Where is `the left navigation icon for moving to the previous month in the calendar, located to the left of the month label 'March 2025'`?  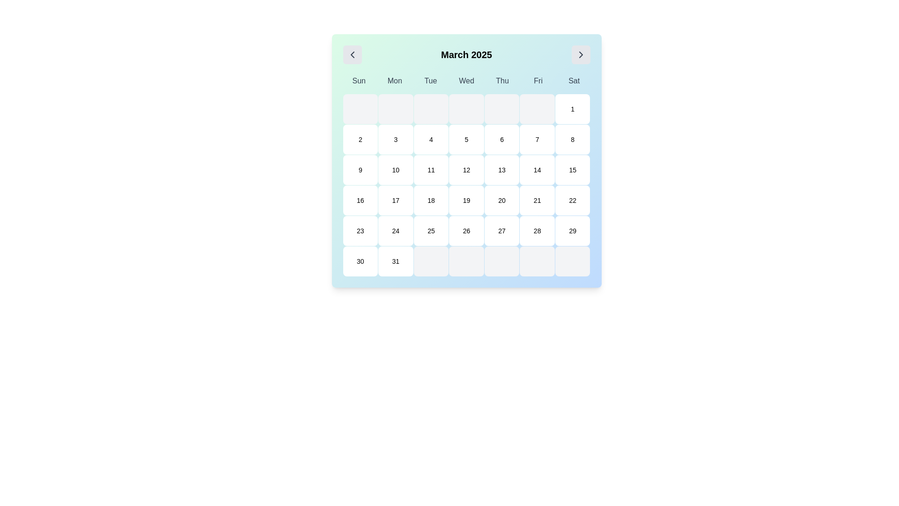 the left navigation icon for moving to the previous month in the calendar, located to the left of the month label 'March 2025' is located at coordinates (352, 54).